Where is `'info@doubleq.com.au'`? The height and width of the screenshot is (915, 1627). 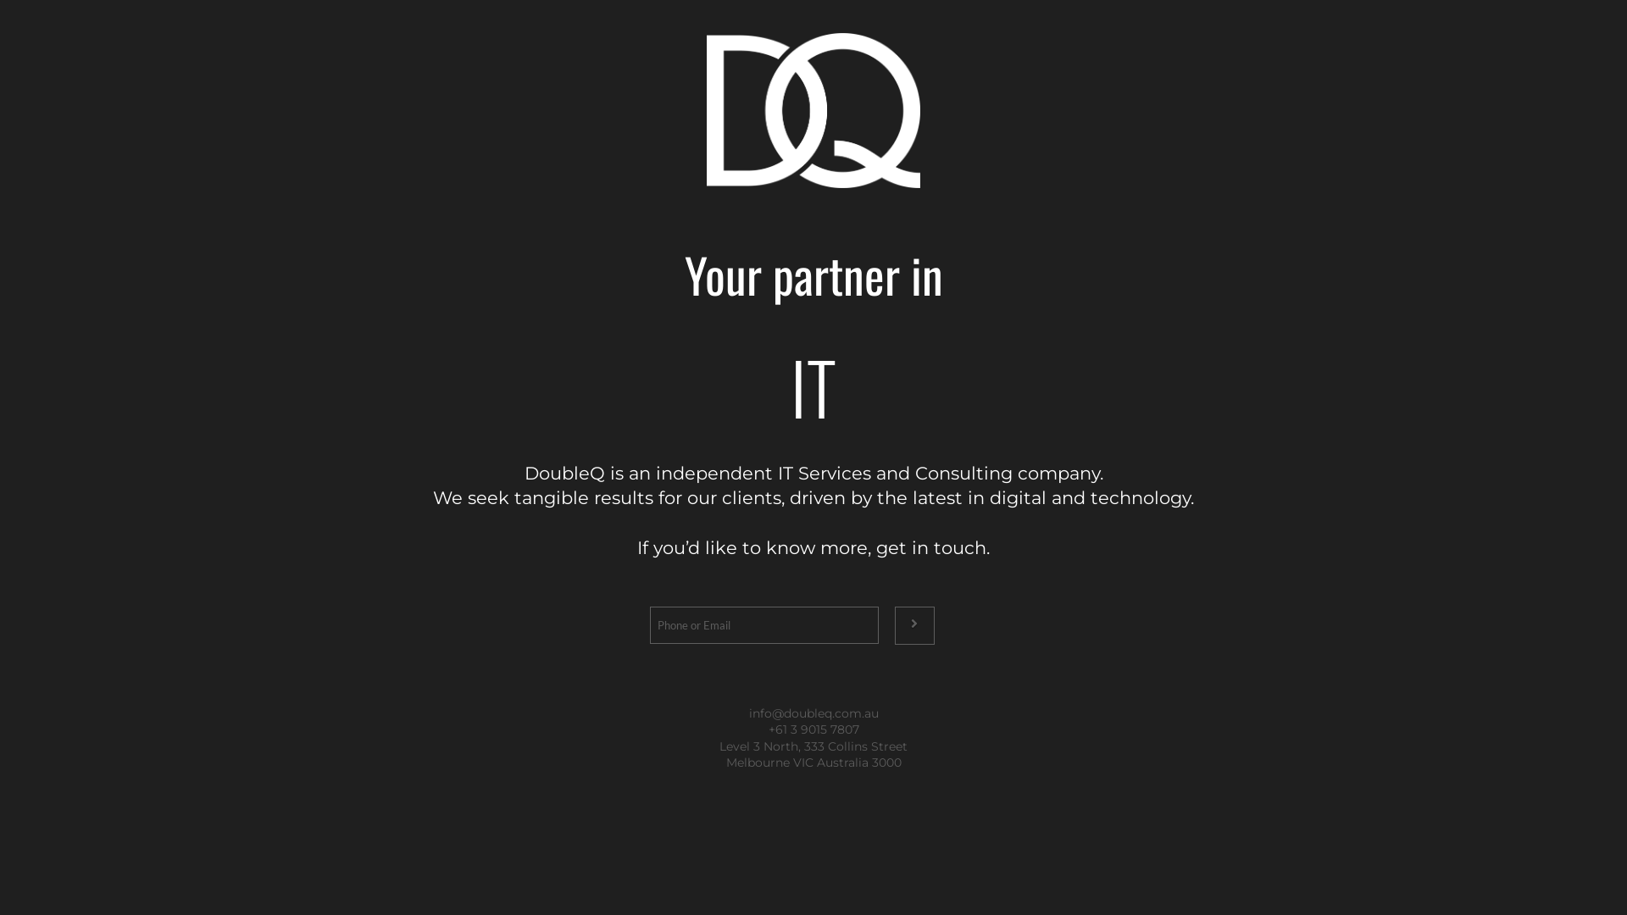 'info@doubleq.com.au' is located at coordinates (747, 713).